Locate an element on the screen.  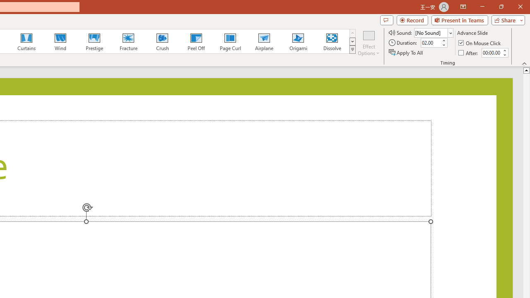
'On Mouse Click' is located at coordinates (480, 43).